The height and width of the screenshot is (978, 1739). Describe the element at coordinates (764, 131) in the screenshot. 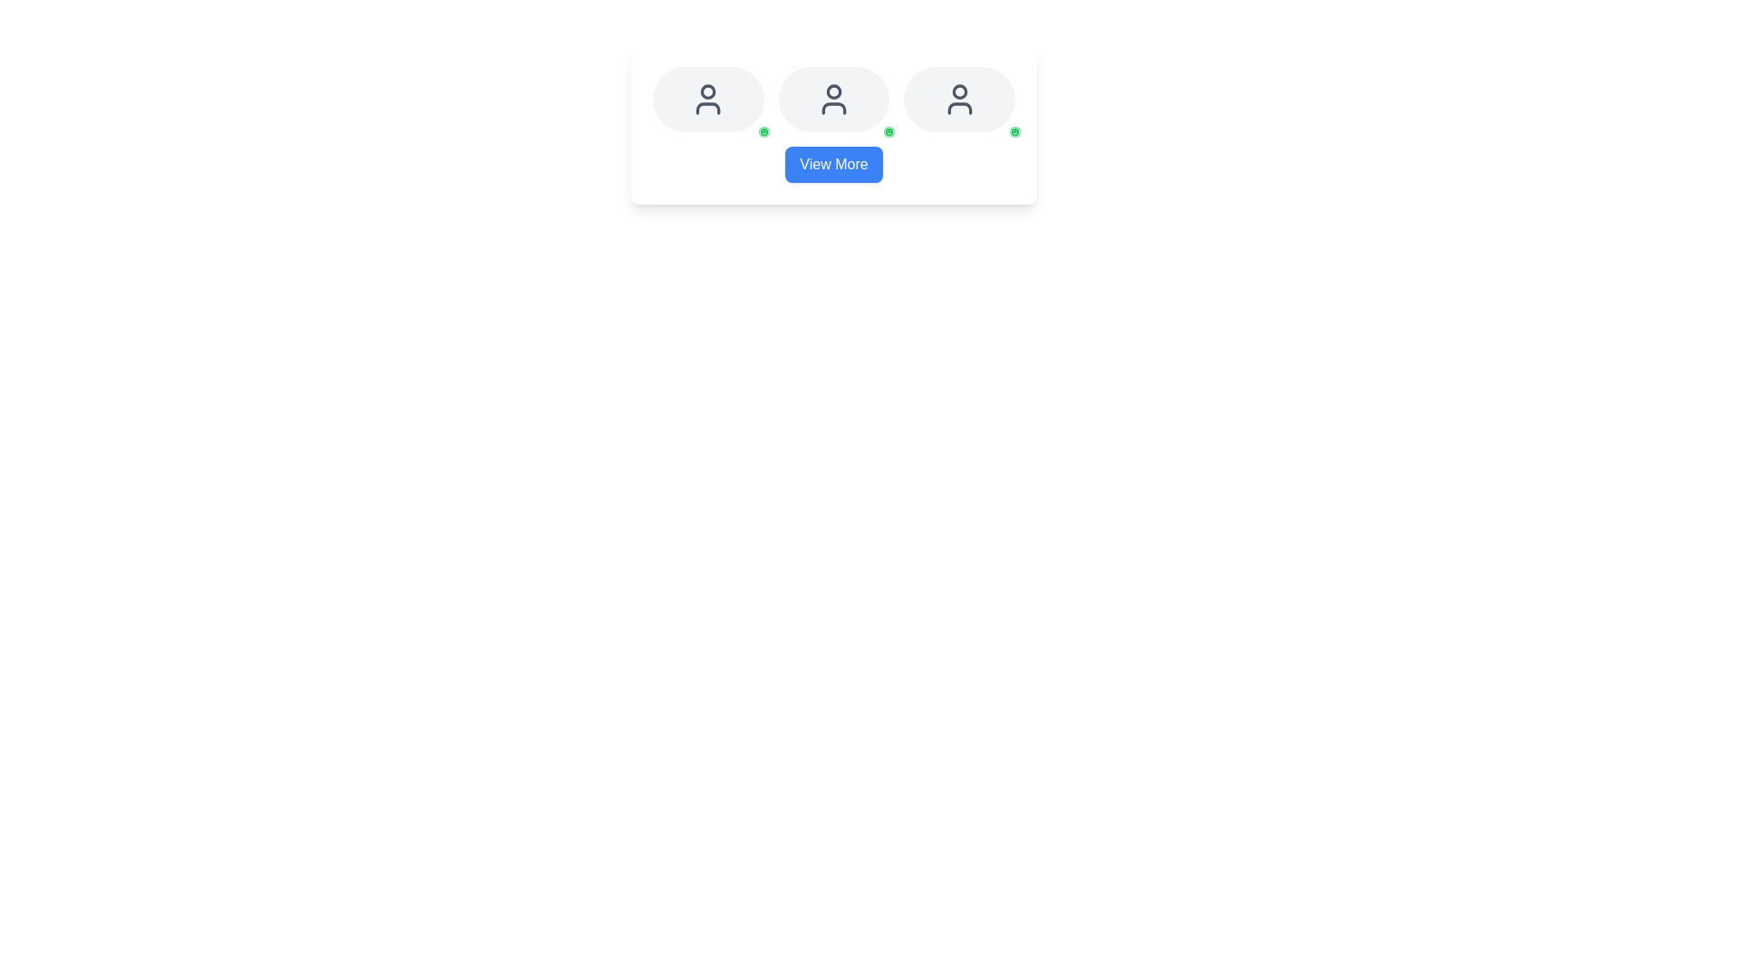

I see `circular SVG element that is part of a smiley face icon positioned above the 'View More' button` at that location.